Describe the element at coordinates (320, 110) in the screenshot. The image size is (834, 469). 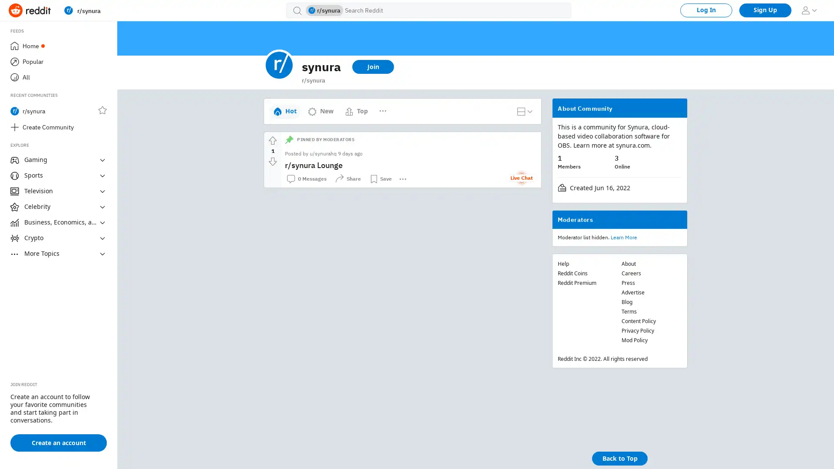
I see `New` at that location.